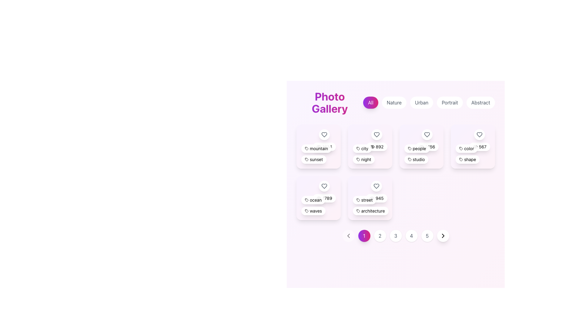 Image resolution: width=582 pixels, height=327 pixels. Describe the element at coordinates (479, 140) in the screenshot. I see `the 'like' or 'favorite' button located at the top-right corner of the sixth card in the grid layout to express approval or mark the item as a favorite` at that location.